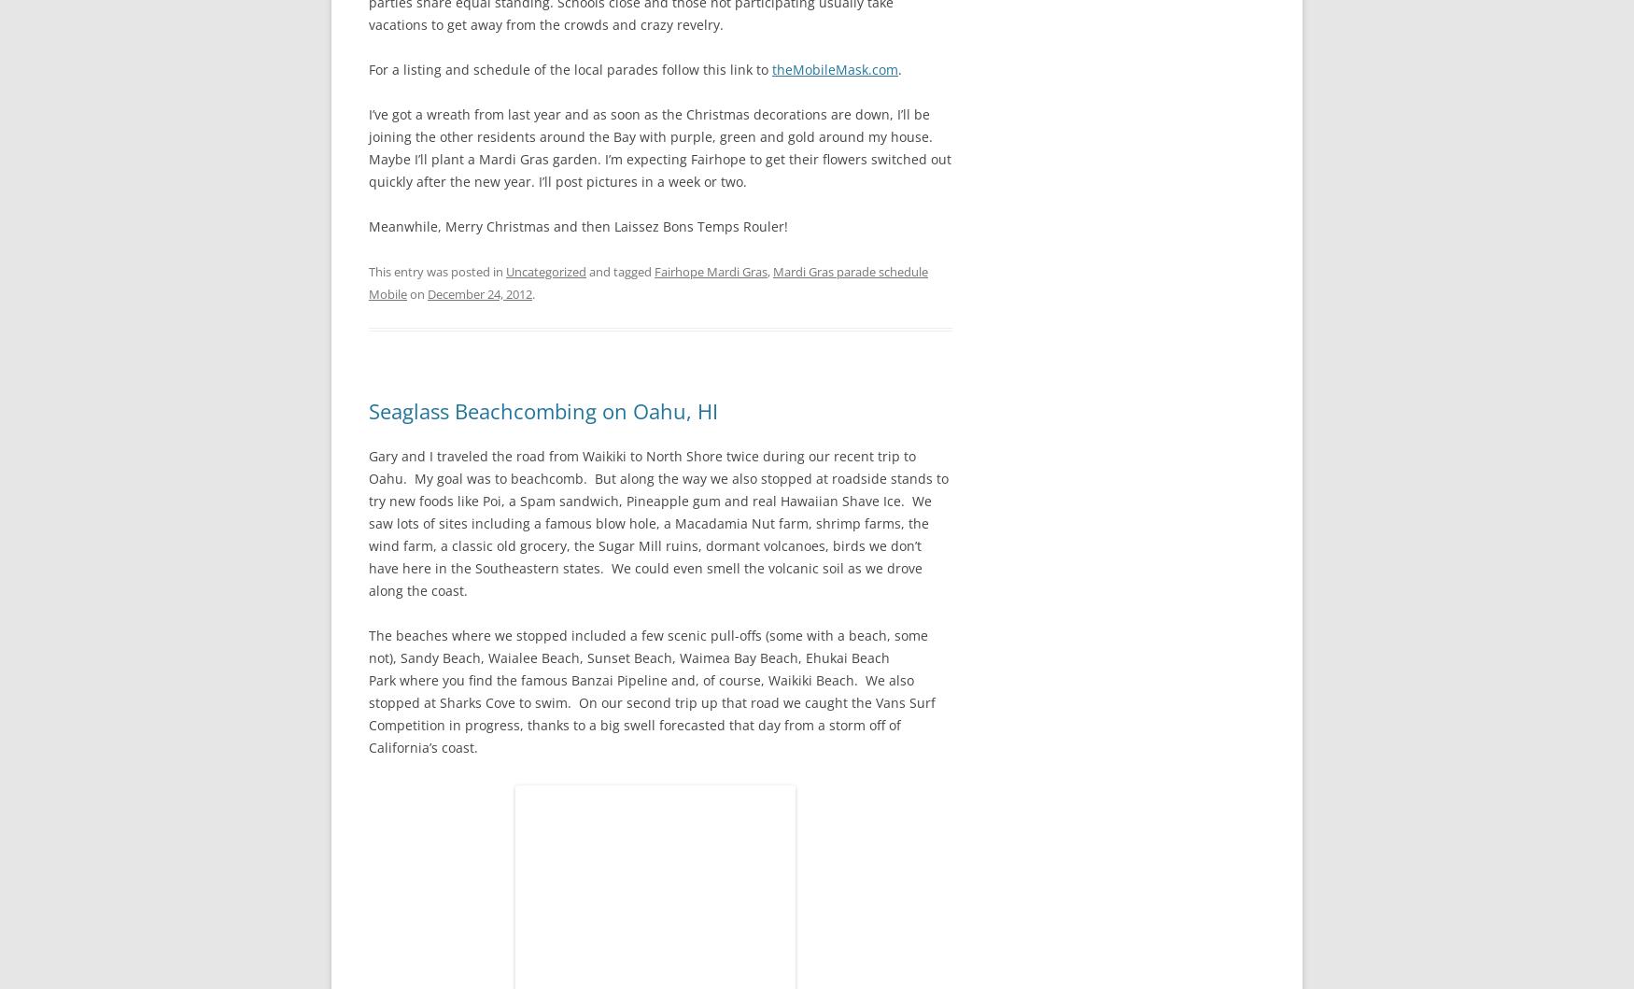 Image resolution: width=1634 pixels, height=989 pixels. What do you see at coordinates (416, 292) in the screenshot?
I see `'on'` at bounding box center [416, 292].